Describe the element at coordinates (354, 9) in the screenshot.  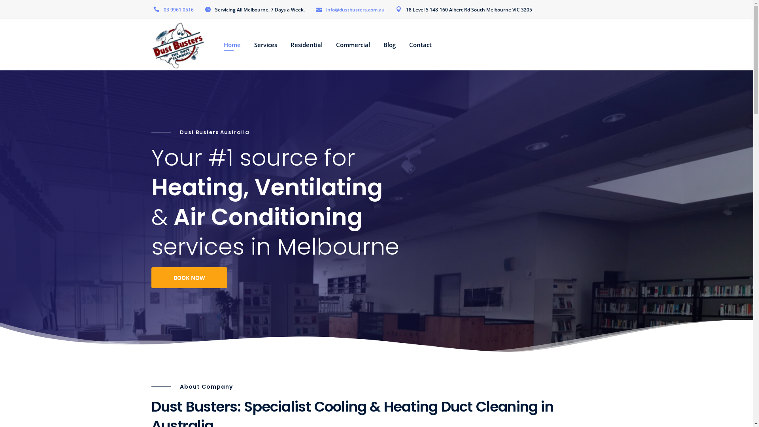
I see `'info@dustbusters.com.au'` at that location.